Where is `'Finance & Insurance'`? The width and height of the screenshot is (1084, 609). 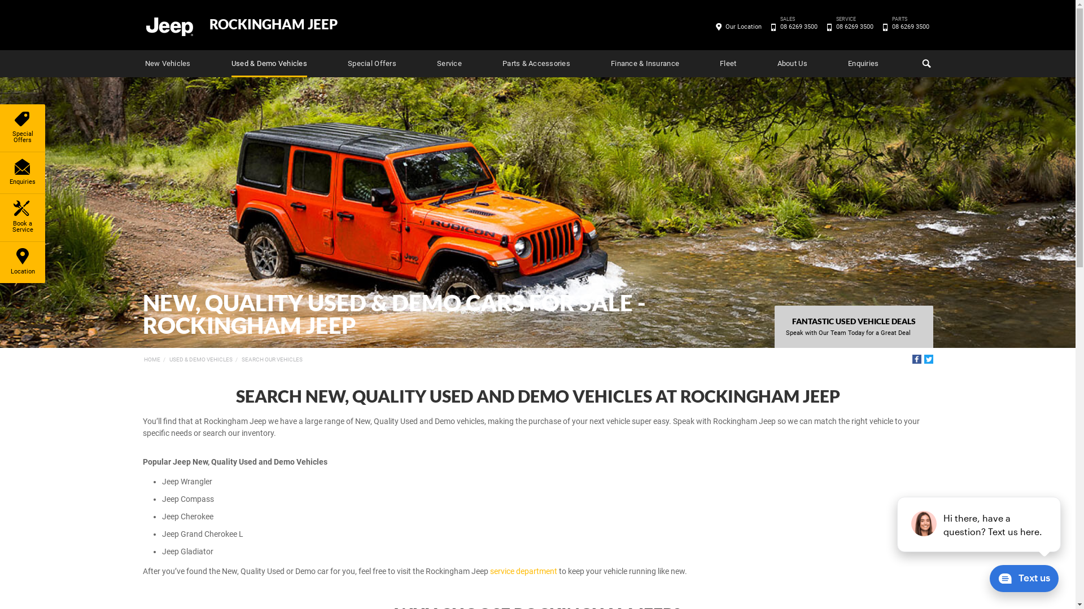 'Finance & Insurance' is located at coordinates (645, 63).